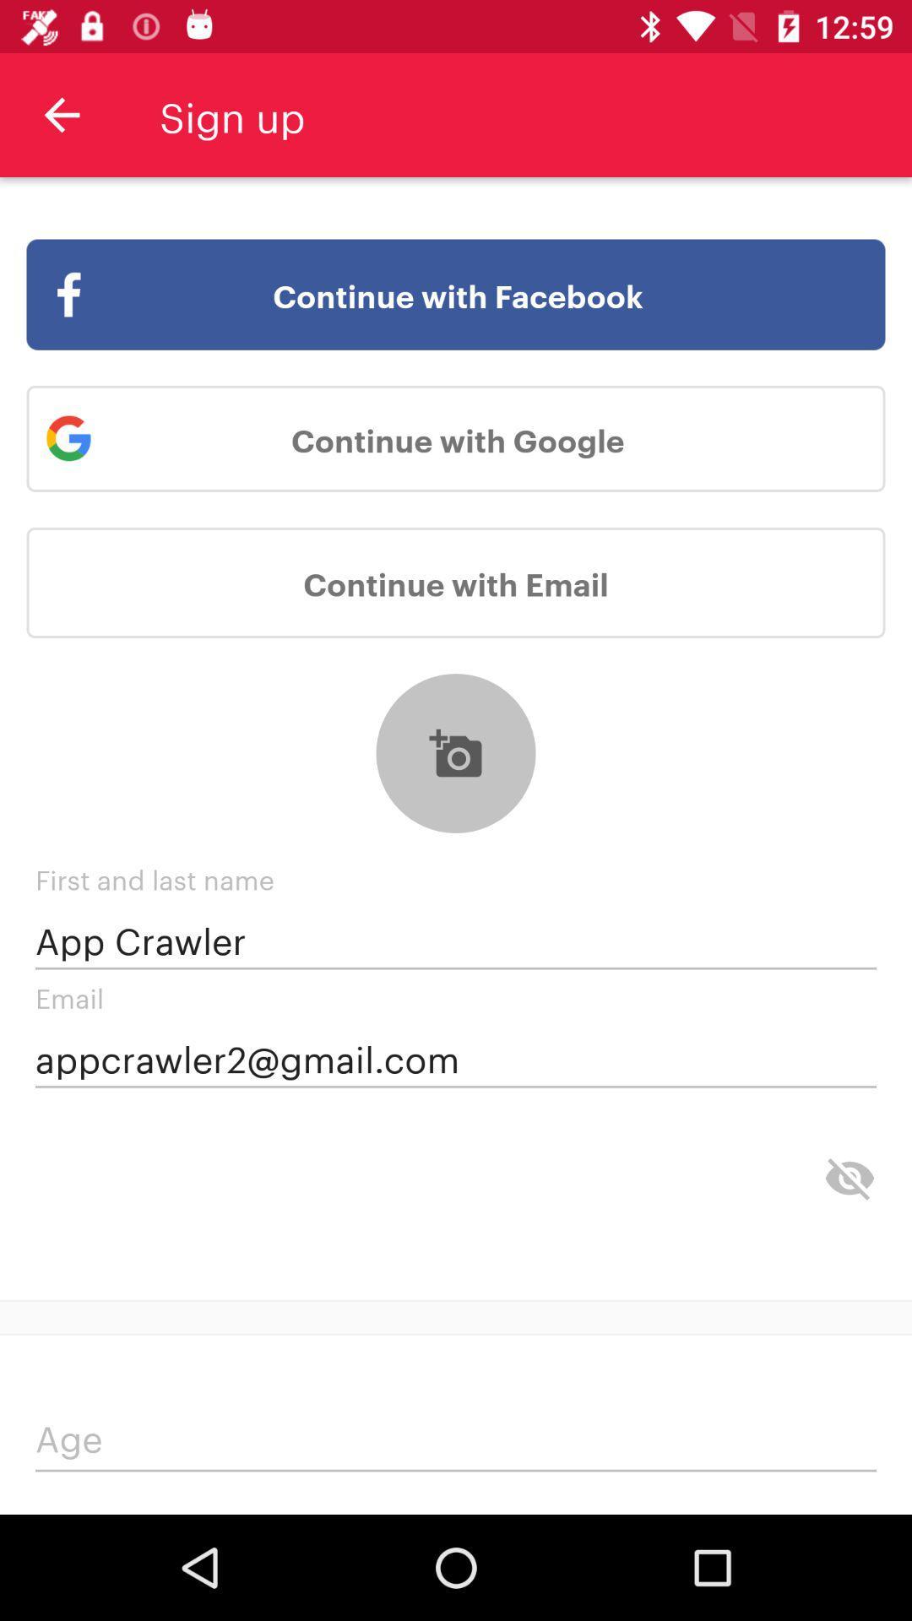 The width and height of the screenshot is (912, 1621). I want to click on age, so click(456, 1441).